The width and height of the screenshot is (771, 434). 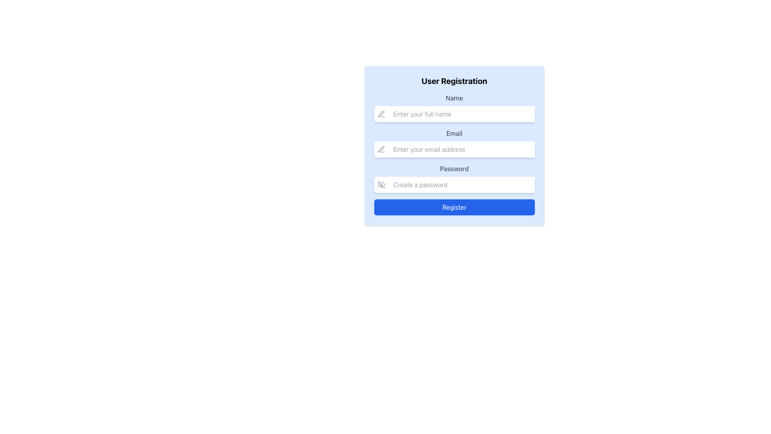 I want to click on the 'Name' label, which is a medium-sized, bold, gray font text positioned above the input field in the user registration form, so click(x=454, y=97).